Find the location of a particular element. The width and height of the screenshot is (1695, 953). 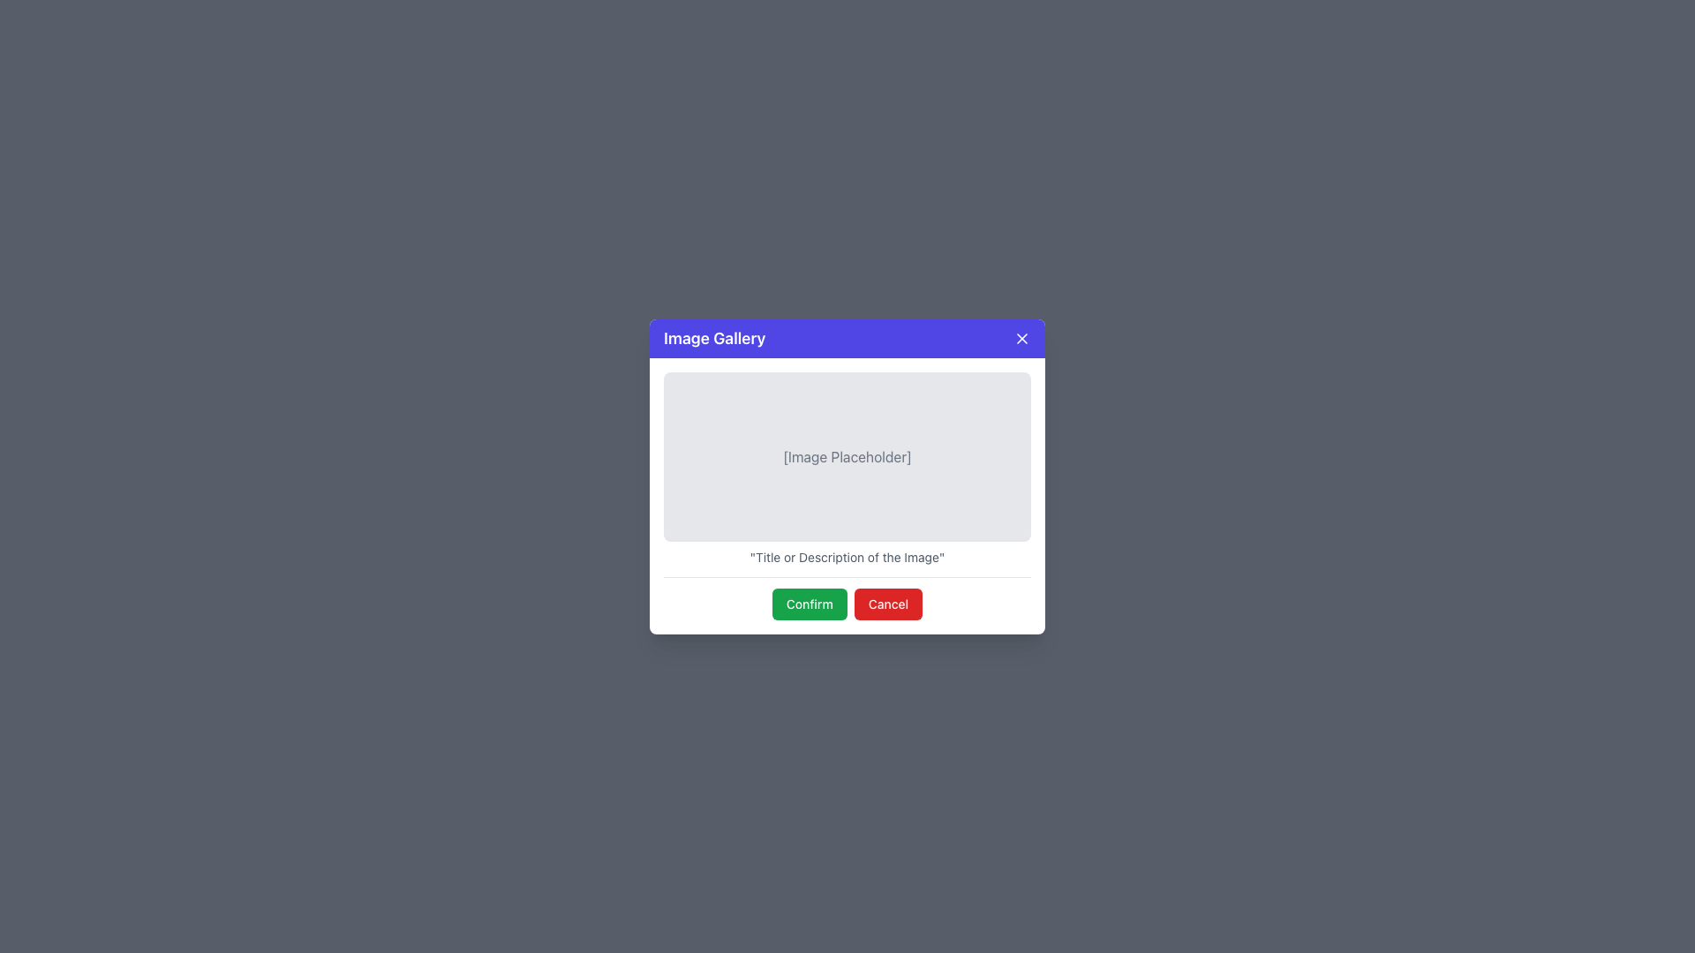

descriptive text located within the modal titled 'Image Gallery', positioned at the bottom of the placeholder image is located at coordinates (847, 557).